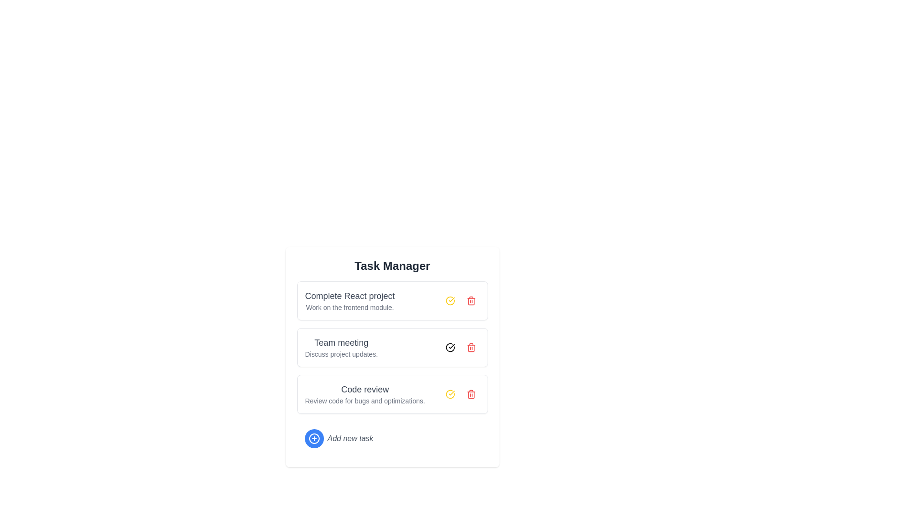  Describe the element at coordinates (449, 348) in the screenshot. I see `the action button located to the right of the 'Team meeting' task entry` at that location.